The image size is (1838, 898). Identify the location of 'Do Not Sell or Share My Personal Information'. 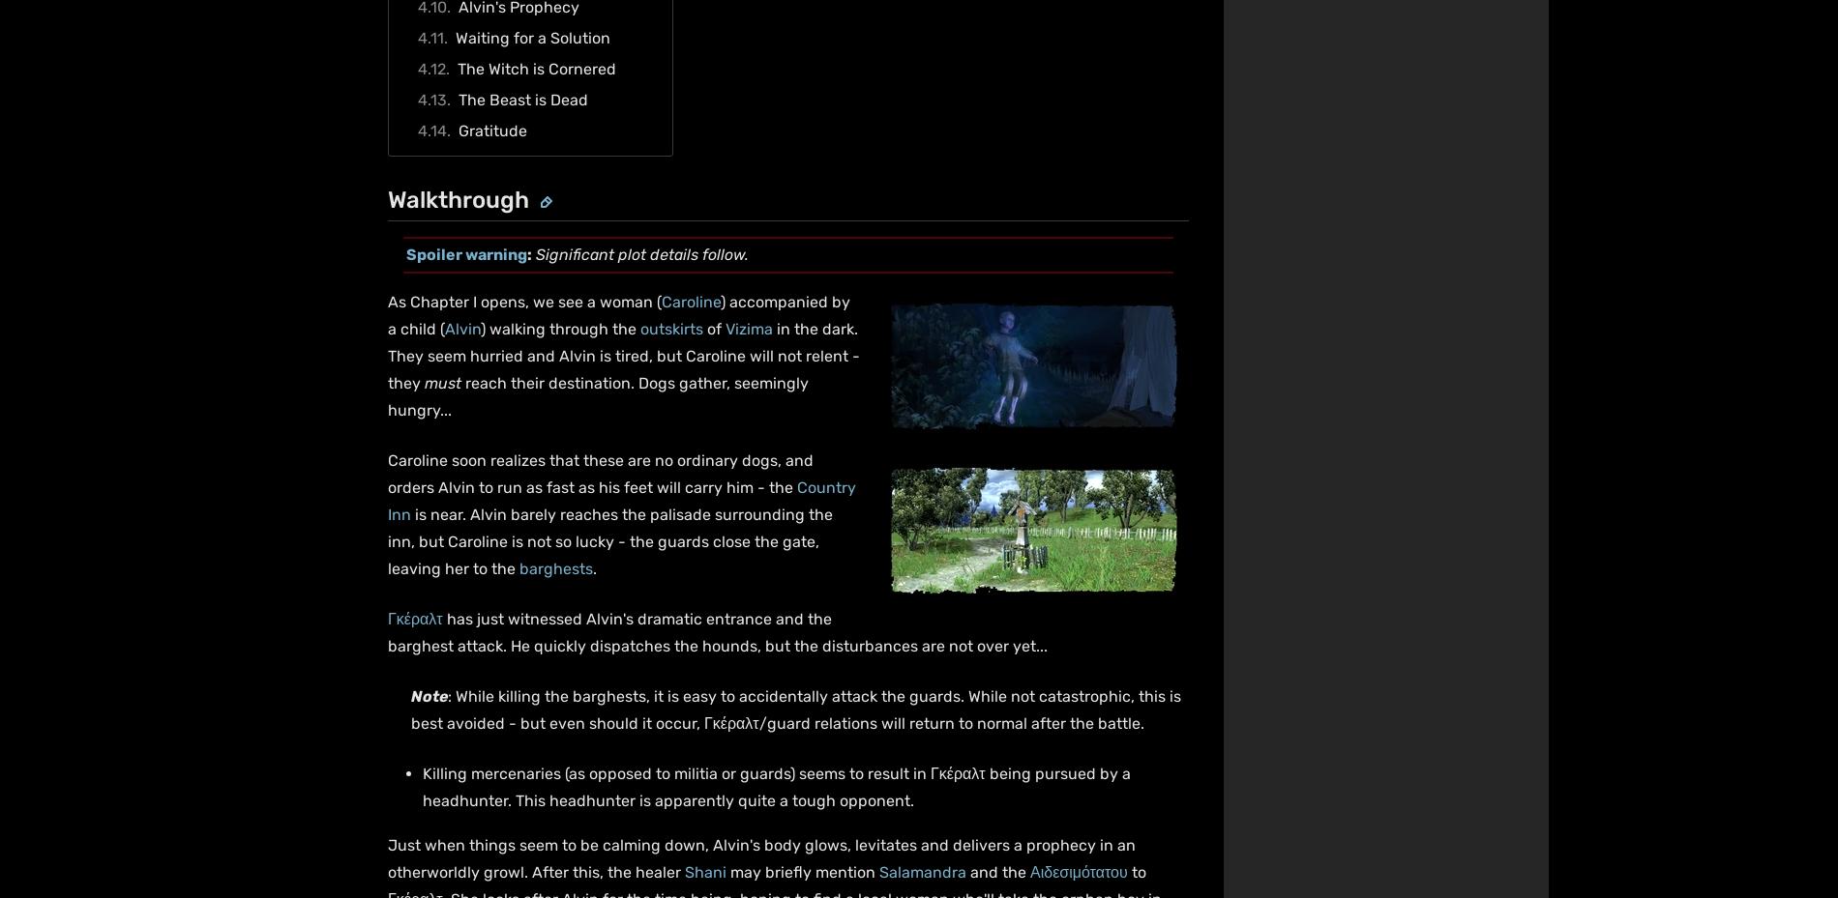
(1061, 824).